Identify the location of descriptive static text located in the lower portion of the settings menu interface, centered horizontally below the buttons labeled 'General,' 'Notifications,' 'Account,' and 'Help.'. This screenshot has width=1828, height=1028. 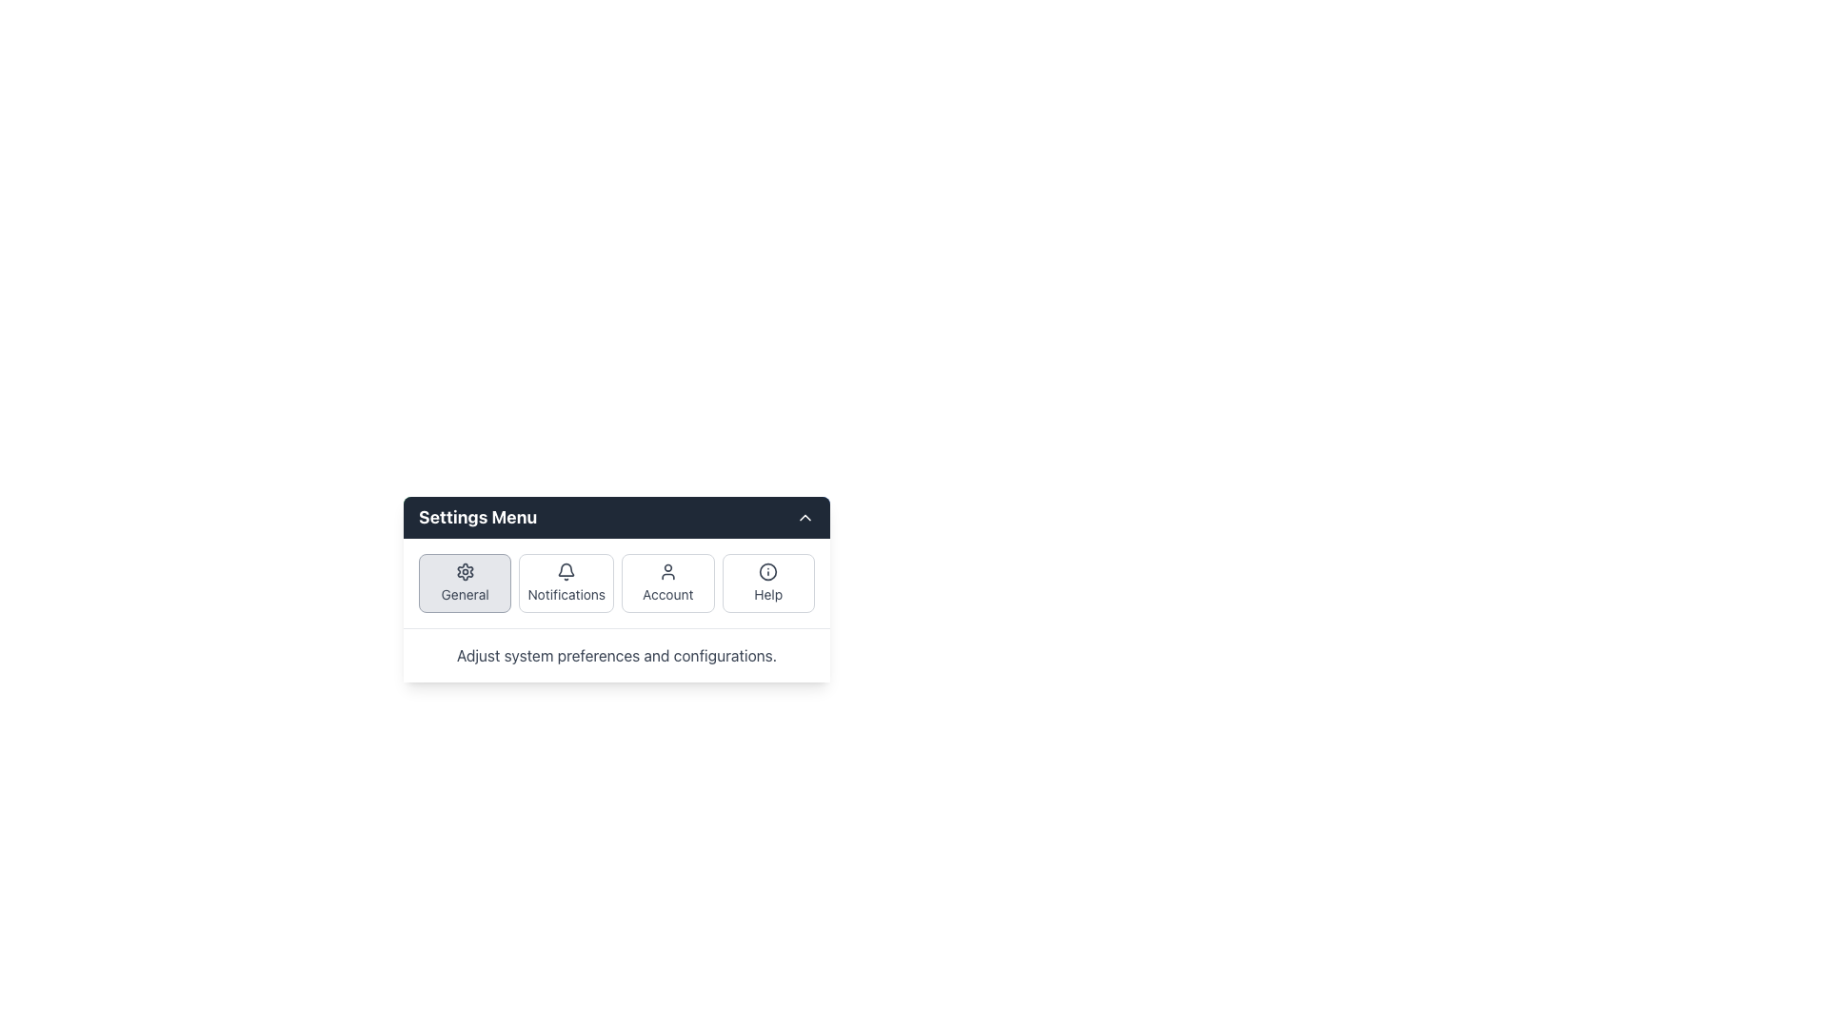
(617, 655).